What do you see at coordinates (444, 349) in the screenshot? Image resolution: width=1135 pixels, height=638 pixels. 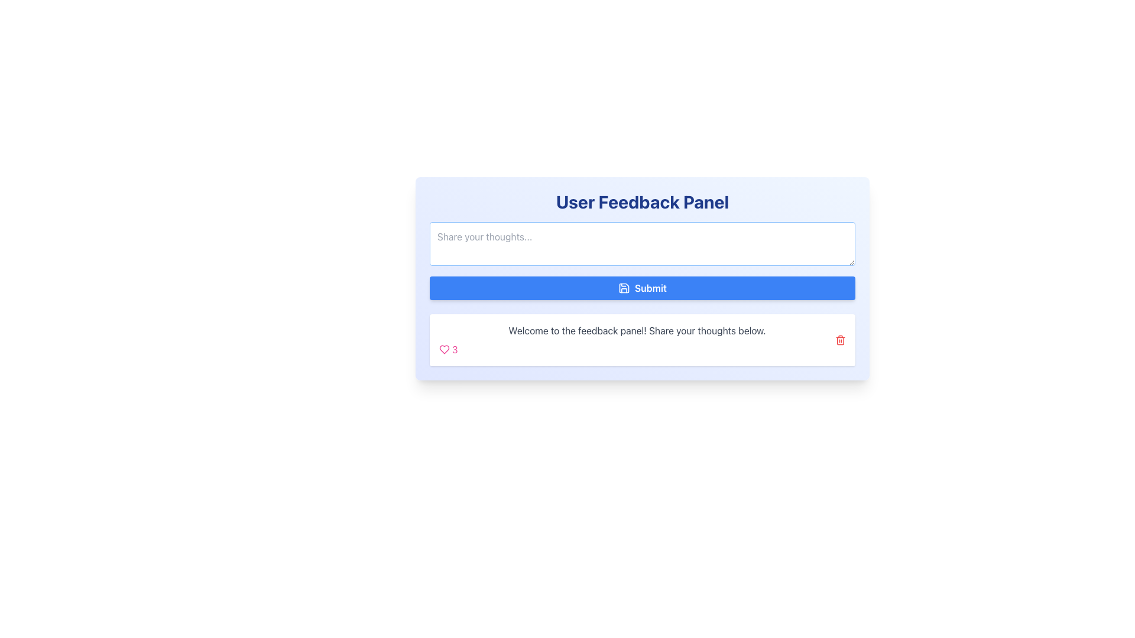 I see `the heart icon located to the left of the number '3' in the feedback panel to like or favorite` at bounding box center [444, 349].